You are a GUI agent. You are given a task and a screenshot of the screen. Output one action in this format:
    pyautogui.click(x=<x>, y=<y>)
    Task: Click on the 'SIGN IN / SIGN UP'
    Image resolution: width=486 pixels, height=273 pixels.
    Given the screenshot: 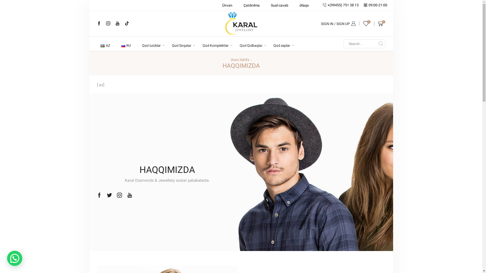 What is the action you would take?
    pyautogui.click(x=338, y=24)
    